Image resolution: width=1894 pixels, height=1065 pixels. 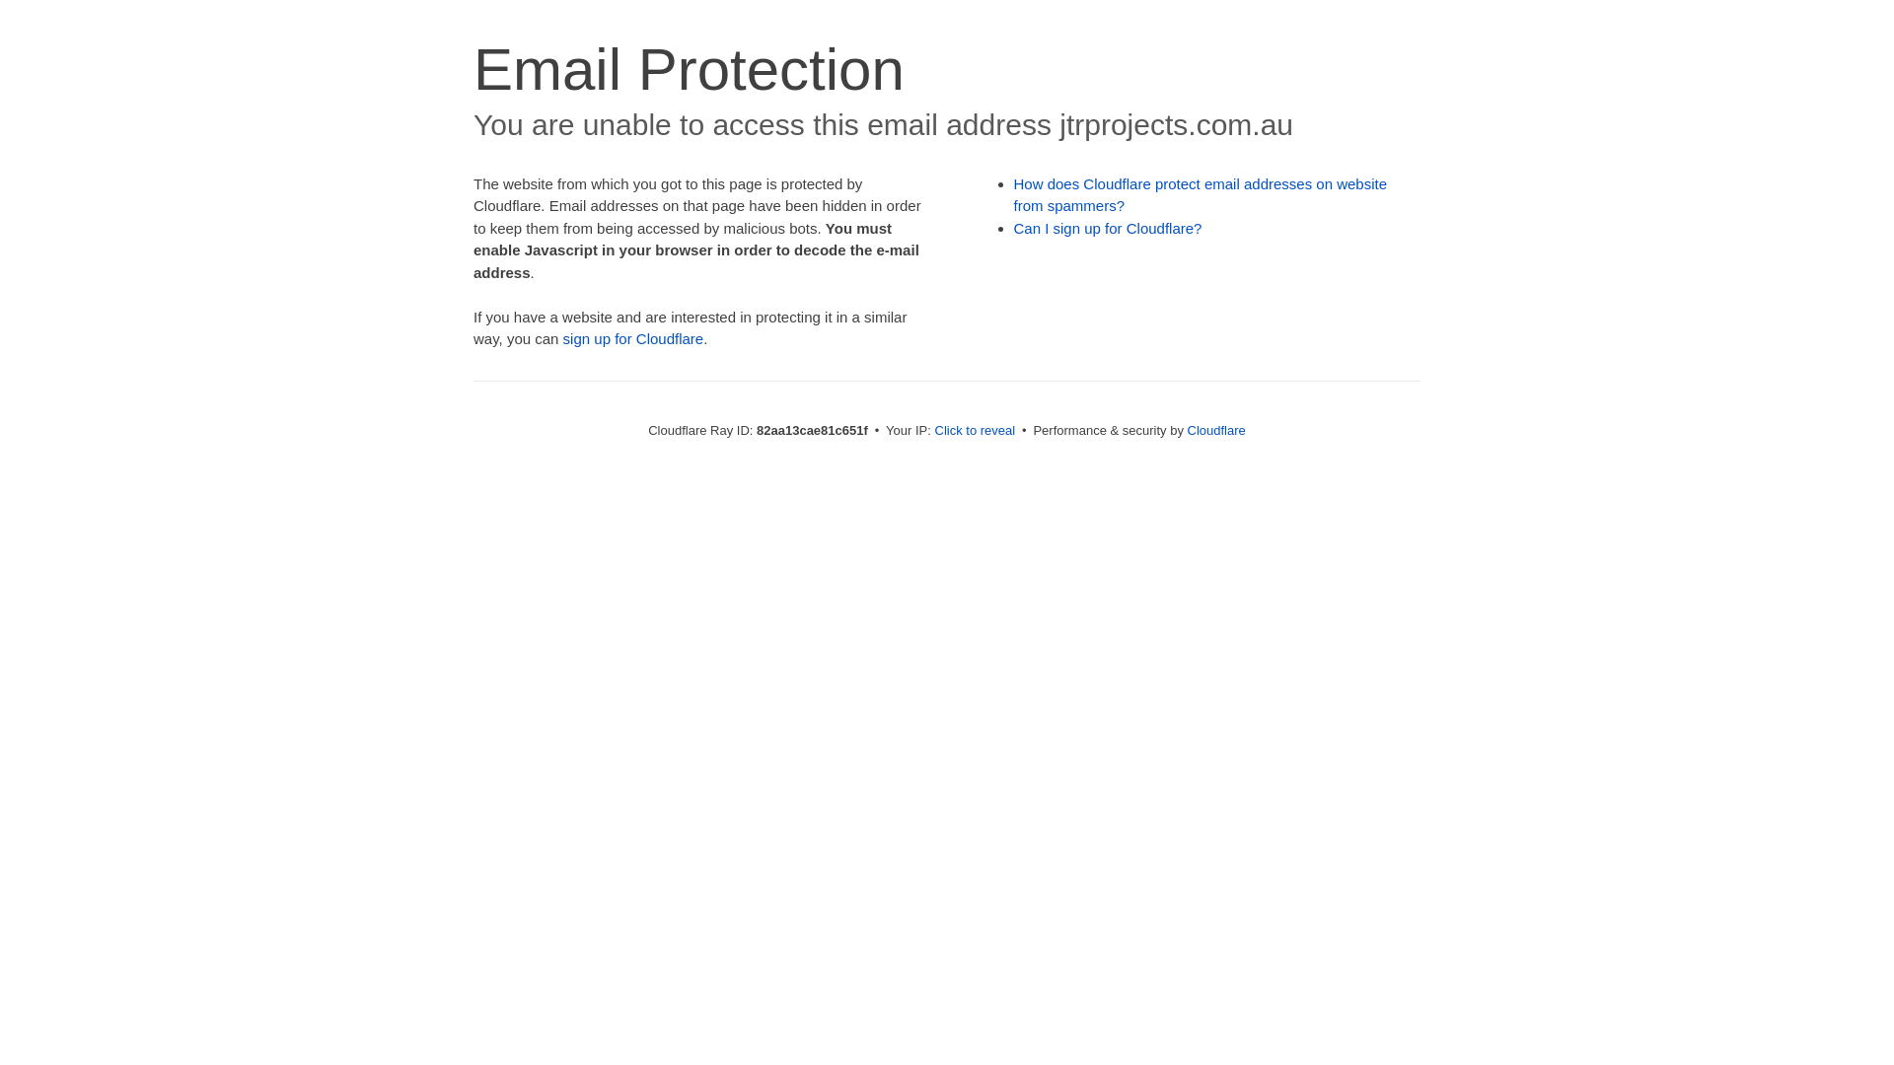 I want to click on 'Click to reveal', so click(x=975, y=429).